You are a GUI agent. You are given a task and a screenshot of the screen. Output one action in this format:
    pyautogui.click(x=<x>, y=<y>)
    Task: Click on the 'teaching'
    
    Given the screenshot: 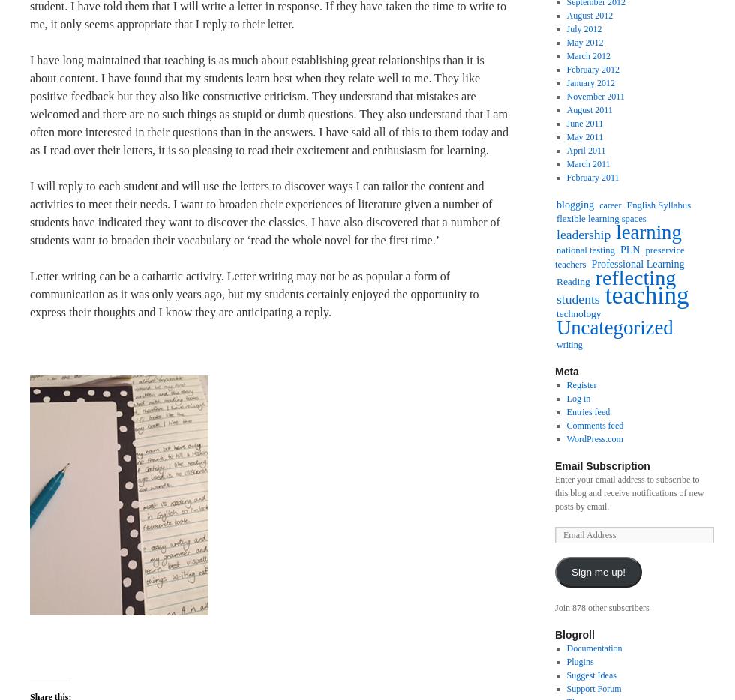 What is the action you would take?
    pyautogui.click(x=604, y=294)
    